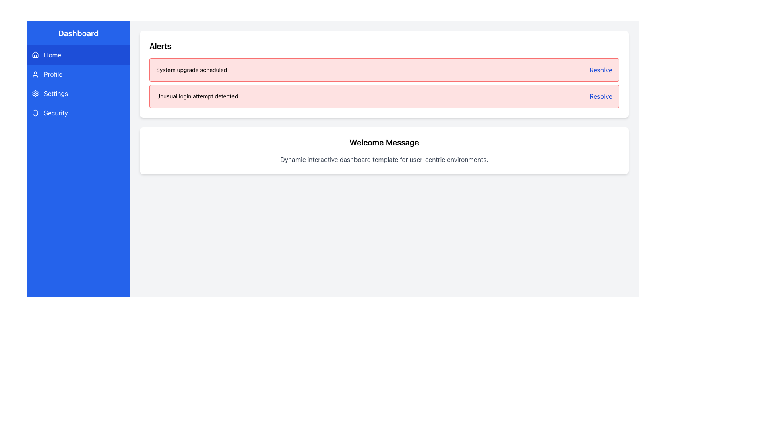  I want to click on the static text displaying 'System upgrade scheduled' in the Alerts section, so click(191, 69).